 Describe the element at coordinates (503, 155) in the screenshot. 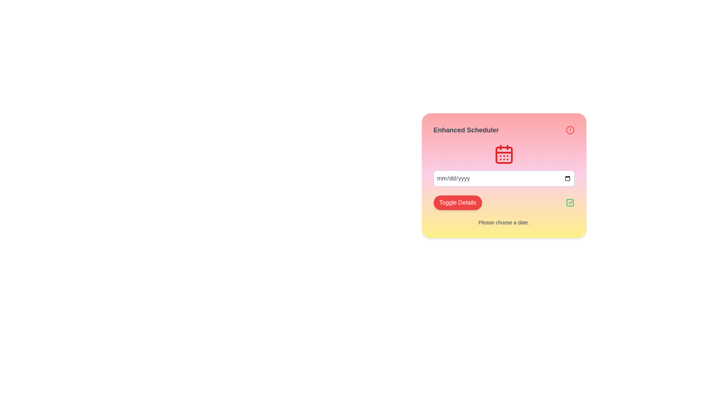

I see `the red square cell within the calendar icon that is centrally placed above the date input field` at that location.